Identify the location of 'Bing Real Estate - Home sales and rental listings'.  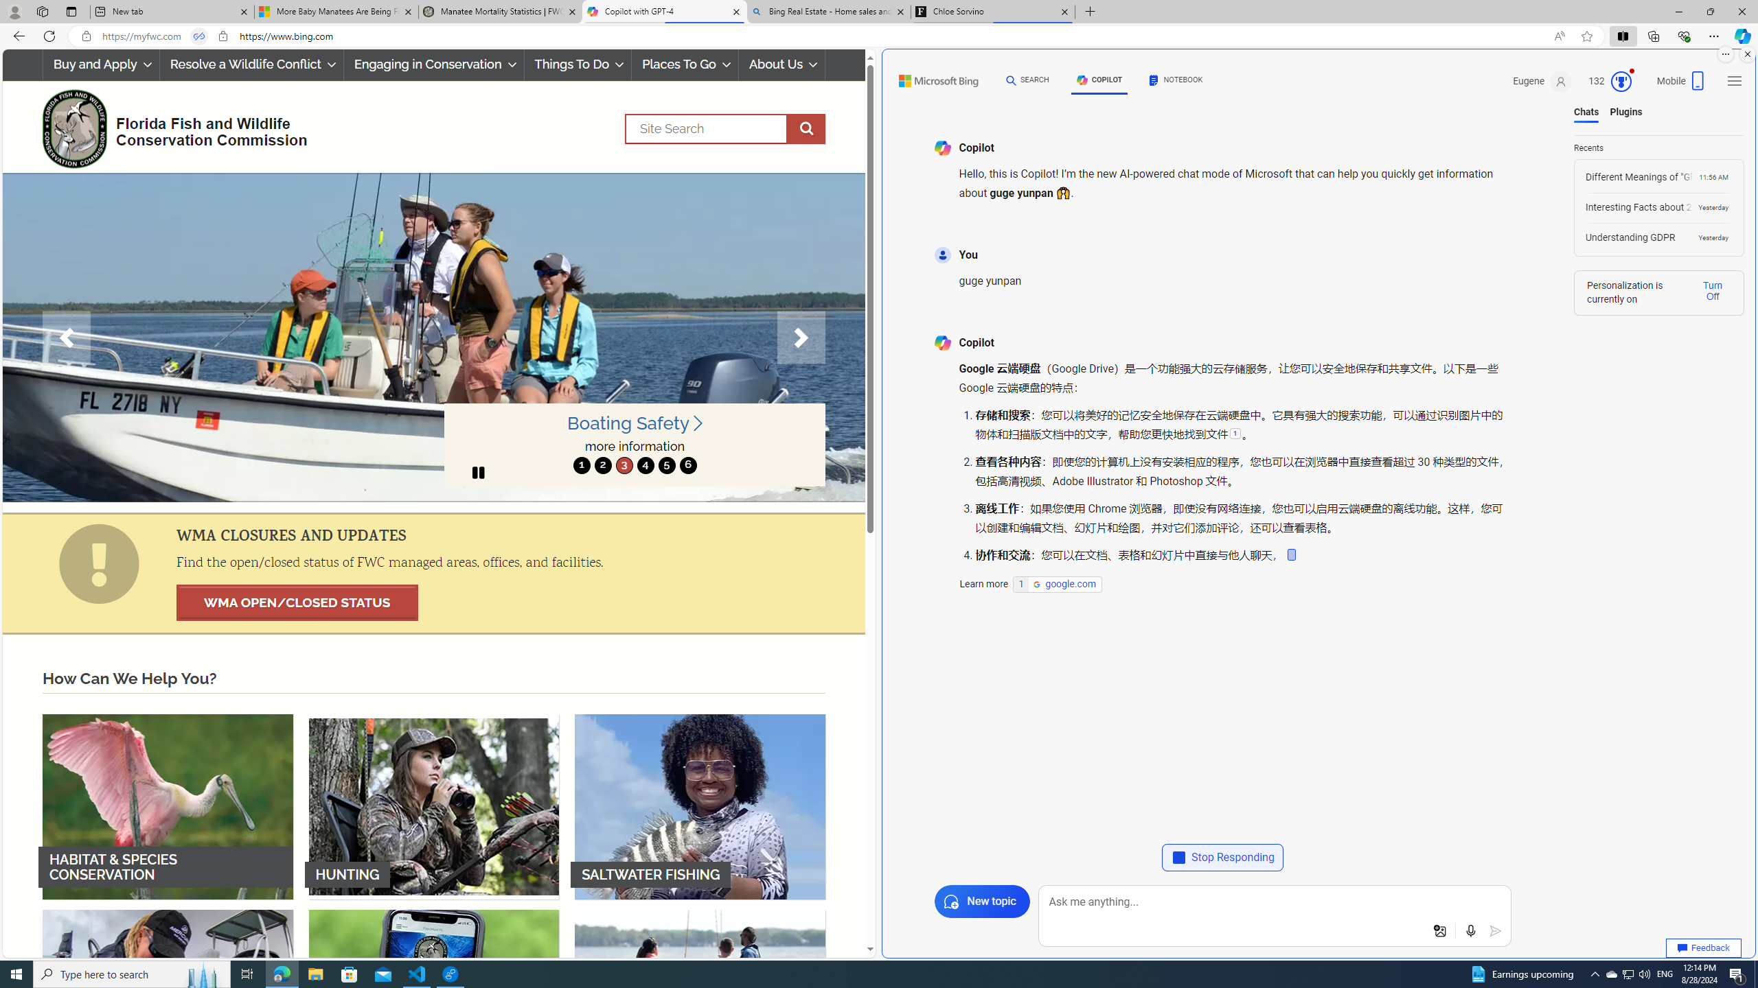
(827, 11).